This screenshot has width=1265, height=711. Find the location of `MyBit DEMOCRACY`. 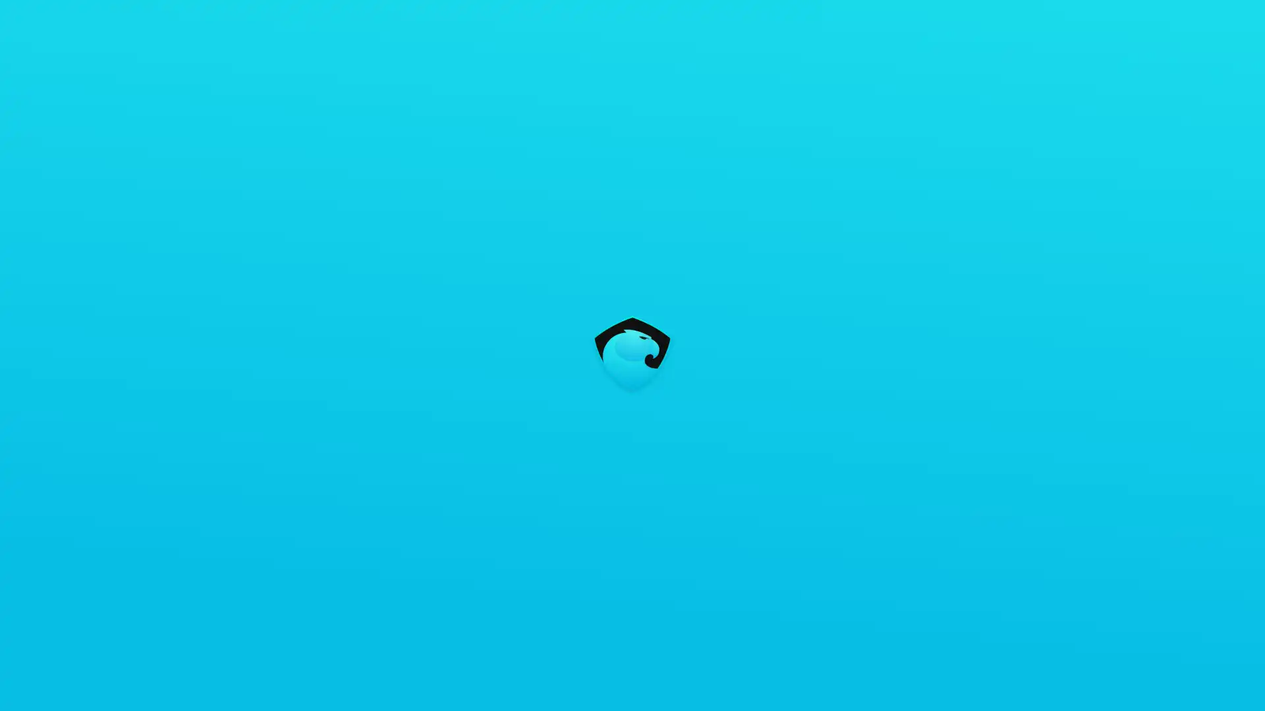

MyBit DEMOCRACY is located at coordinates (808, 312).